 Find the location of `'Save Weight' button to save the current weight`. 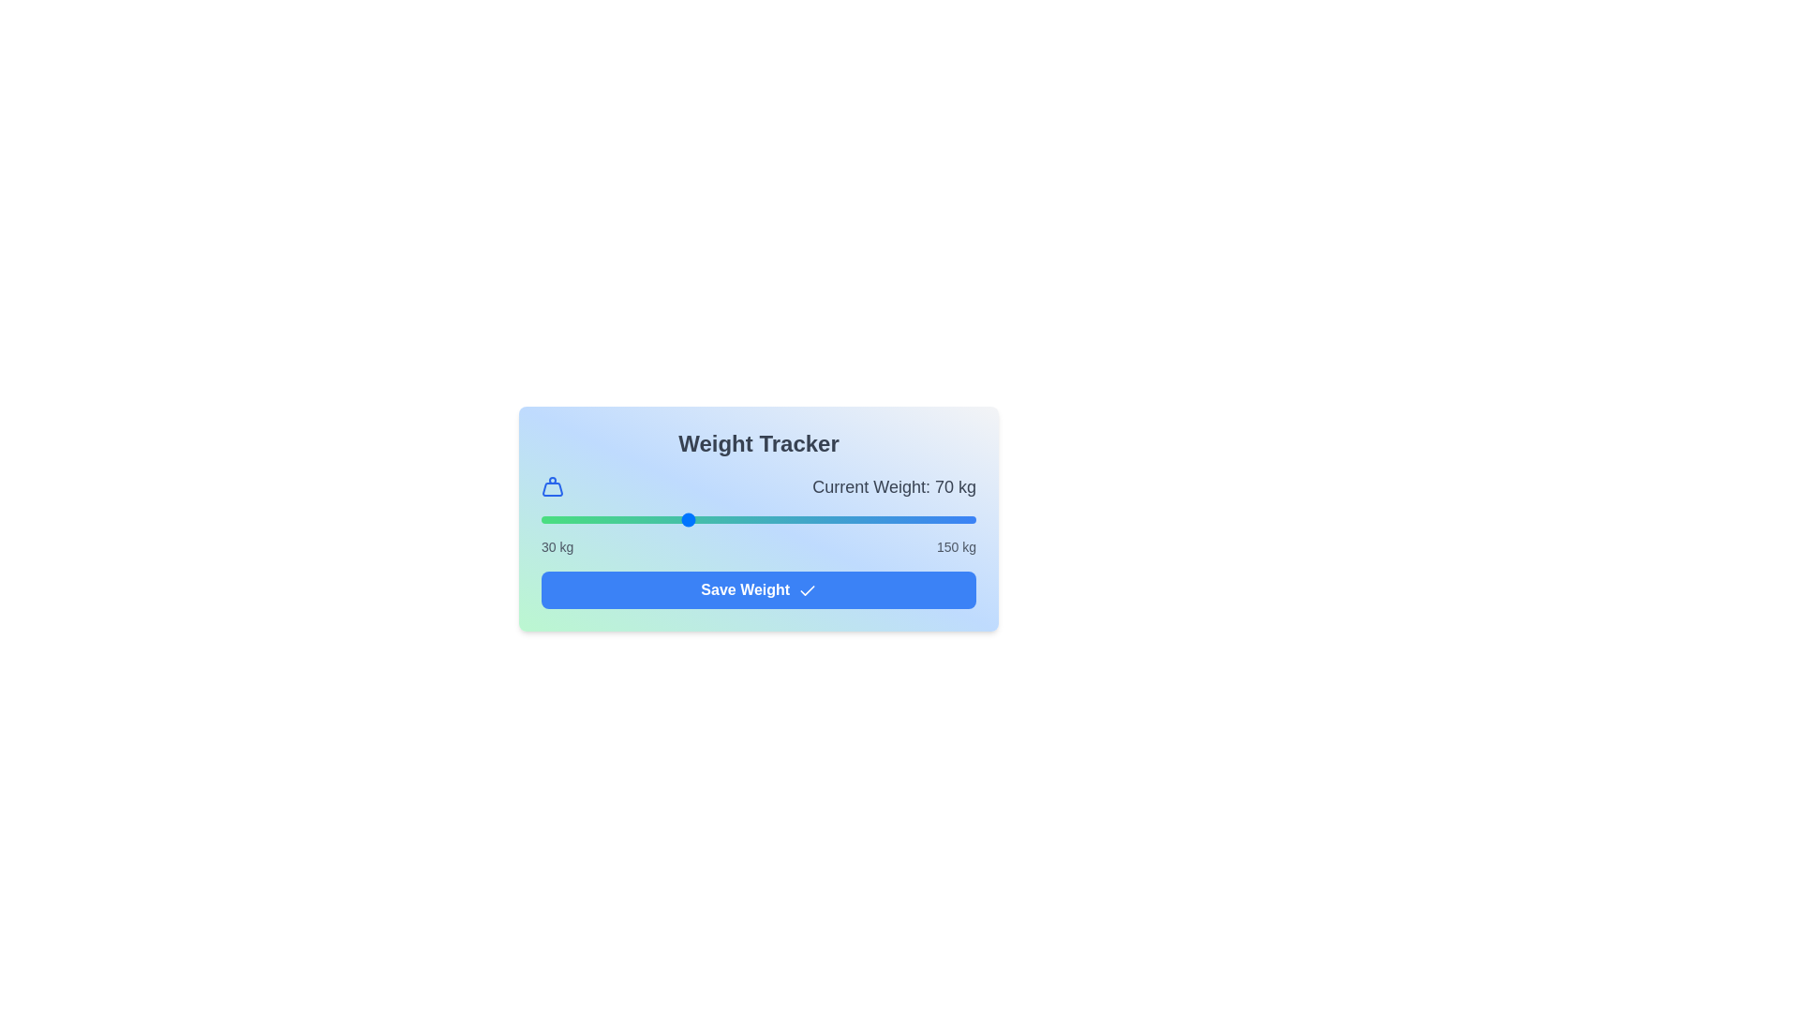

'Save Weight' button to save the current weight is located at coordinates (759, 588).